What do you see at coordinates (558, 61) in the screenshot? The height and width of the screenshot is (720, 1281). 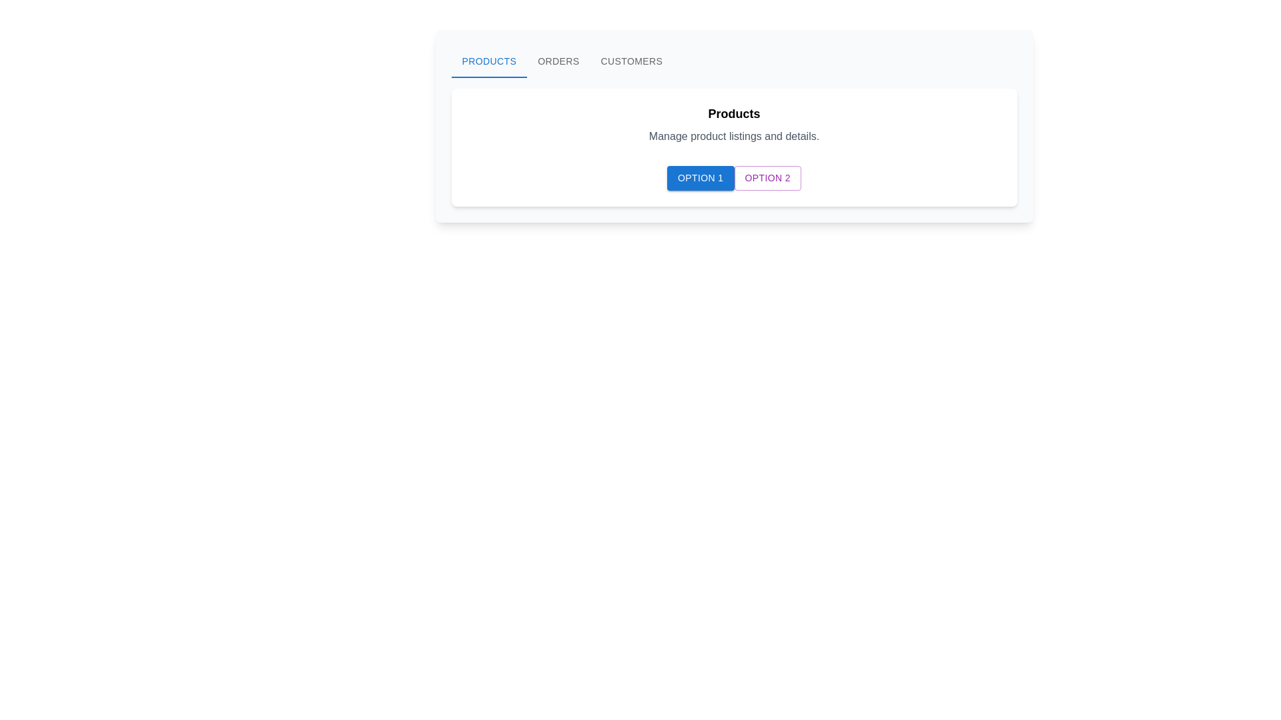 I see `the 'Orders' tab, which is the middle tab in a horizontal tab list with a light grey background and black text` at bounding box center [558, 61].